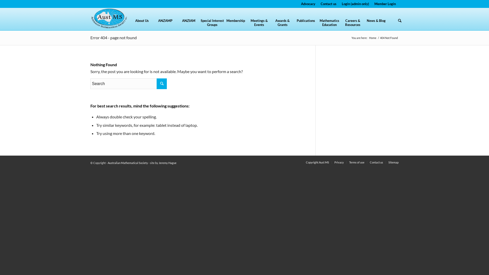 The image size is (489, 275). What do you see at coordinates (352, 24) in the screenshot?
I see `'Careers & Resources'` at bounding box center [352, 24].